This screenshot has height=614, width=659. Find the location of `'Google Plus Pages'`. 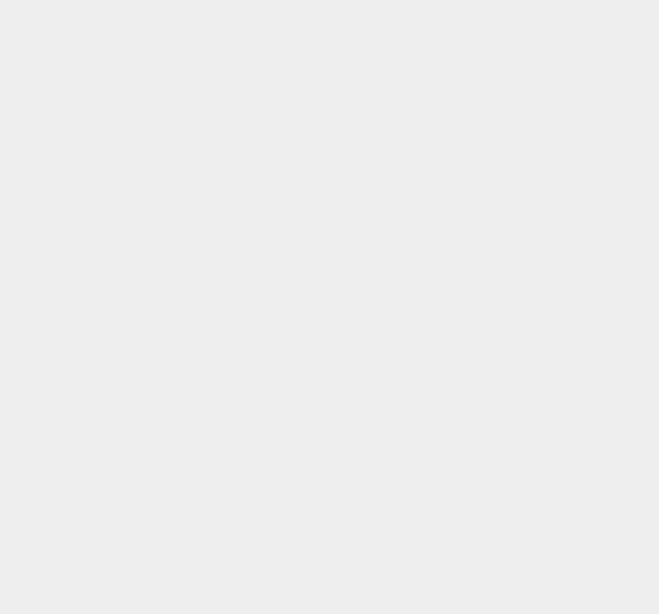

'Google Plus Pages' is located at coordinates (499, 241).